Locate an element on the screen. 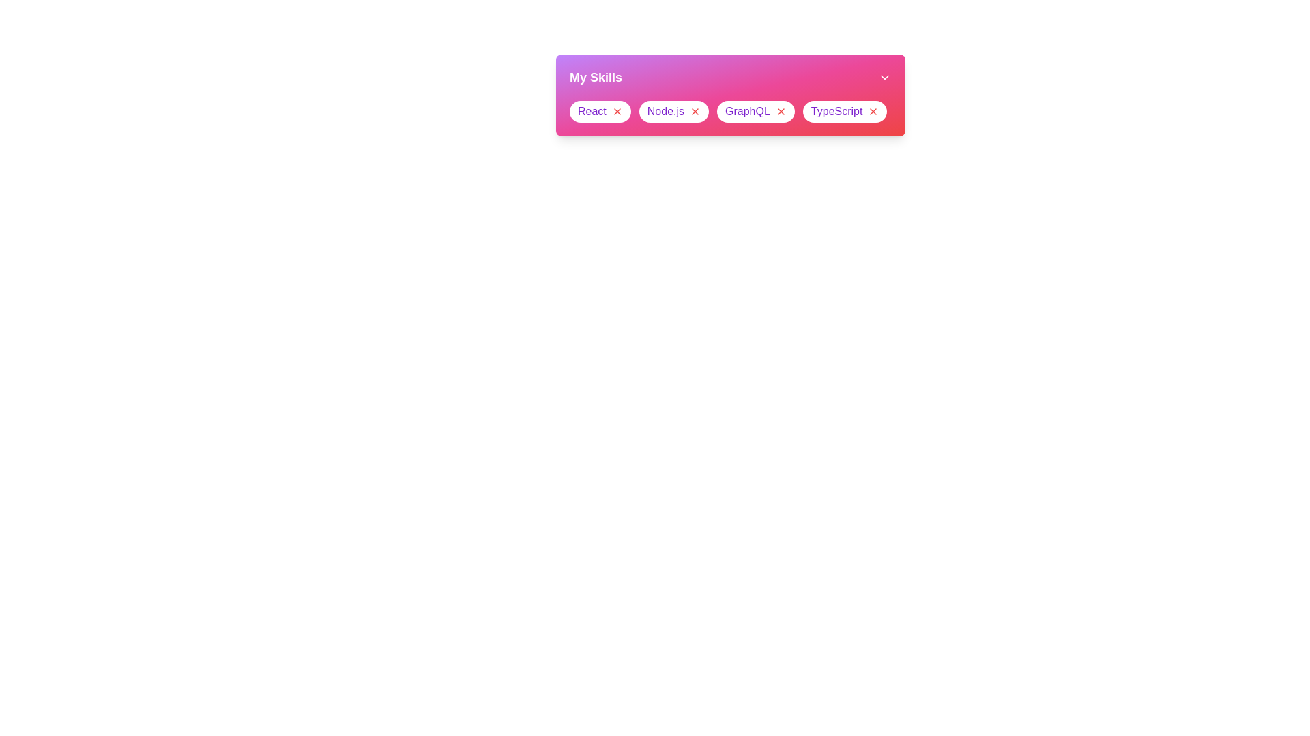  the skill text Node.js to focus or select it is located at coordinates (665, 111).